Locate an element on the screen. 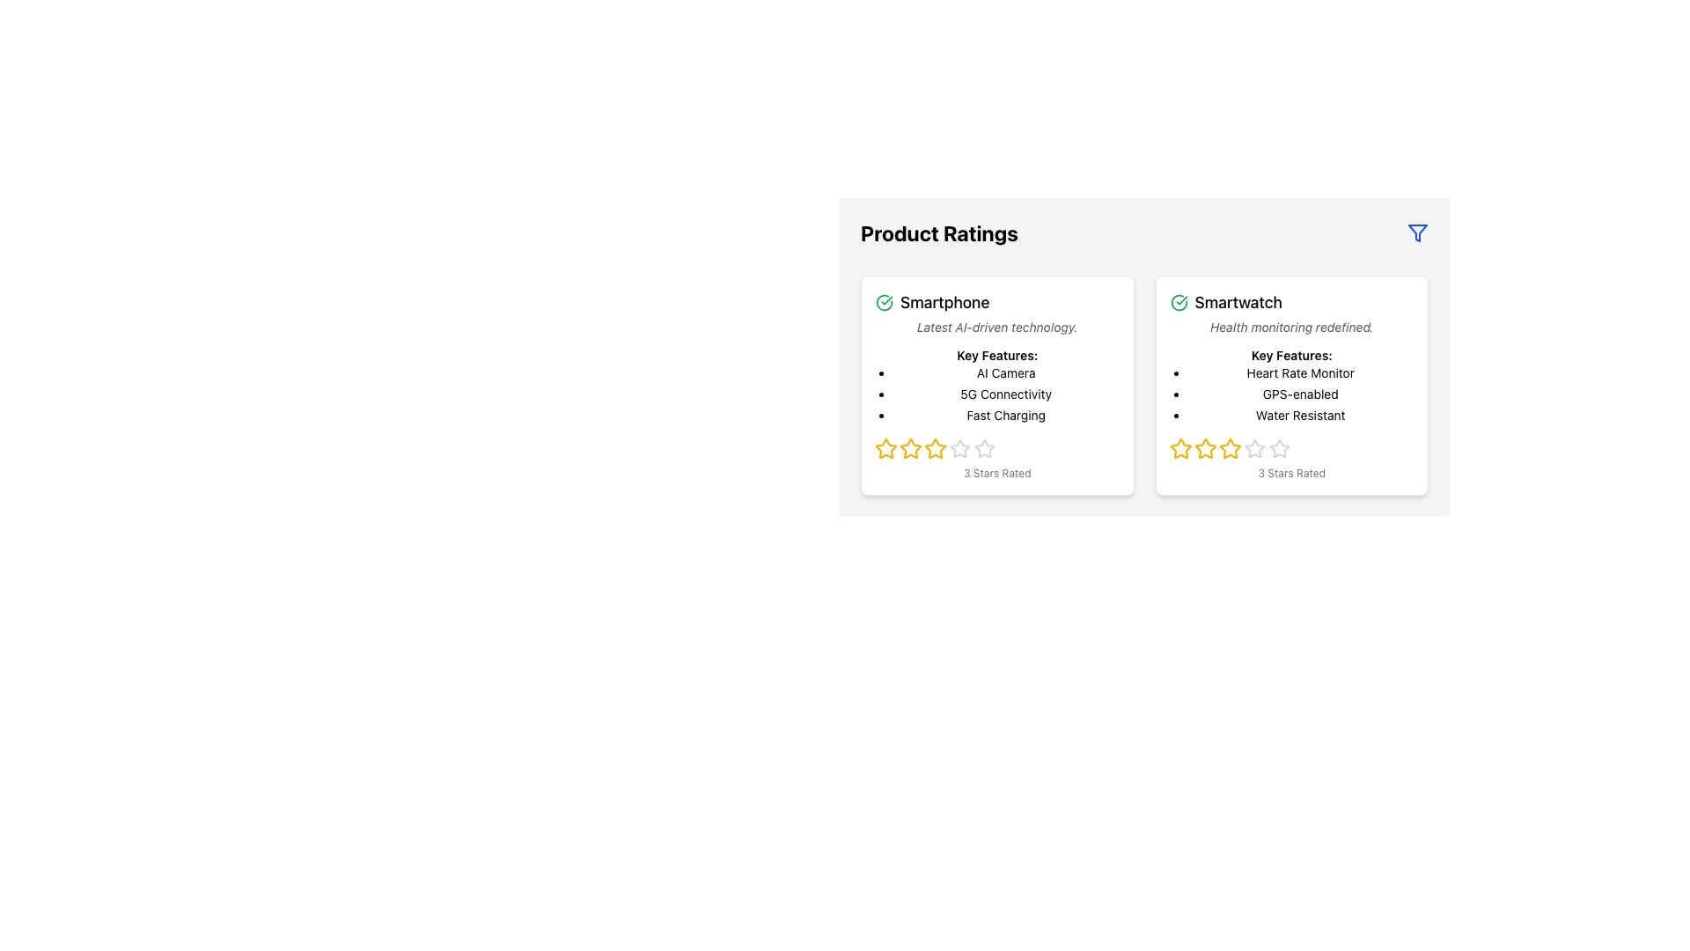  the second star icon in the rating component of the 'Smartwatch' card, located under the 'Product Ratings' header is located at coordinates (1204, 447).